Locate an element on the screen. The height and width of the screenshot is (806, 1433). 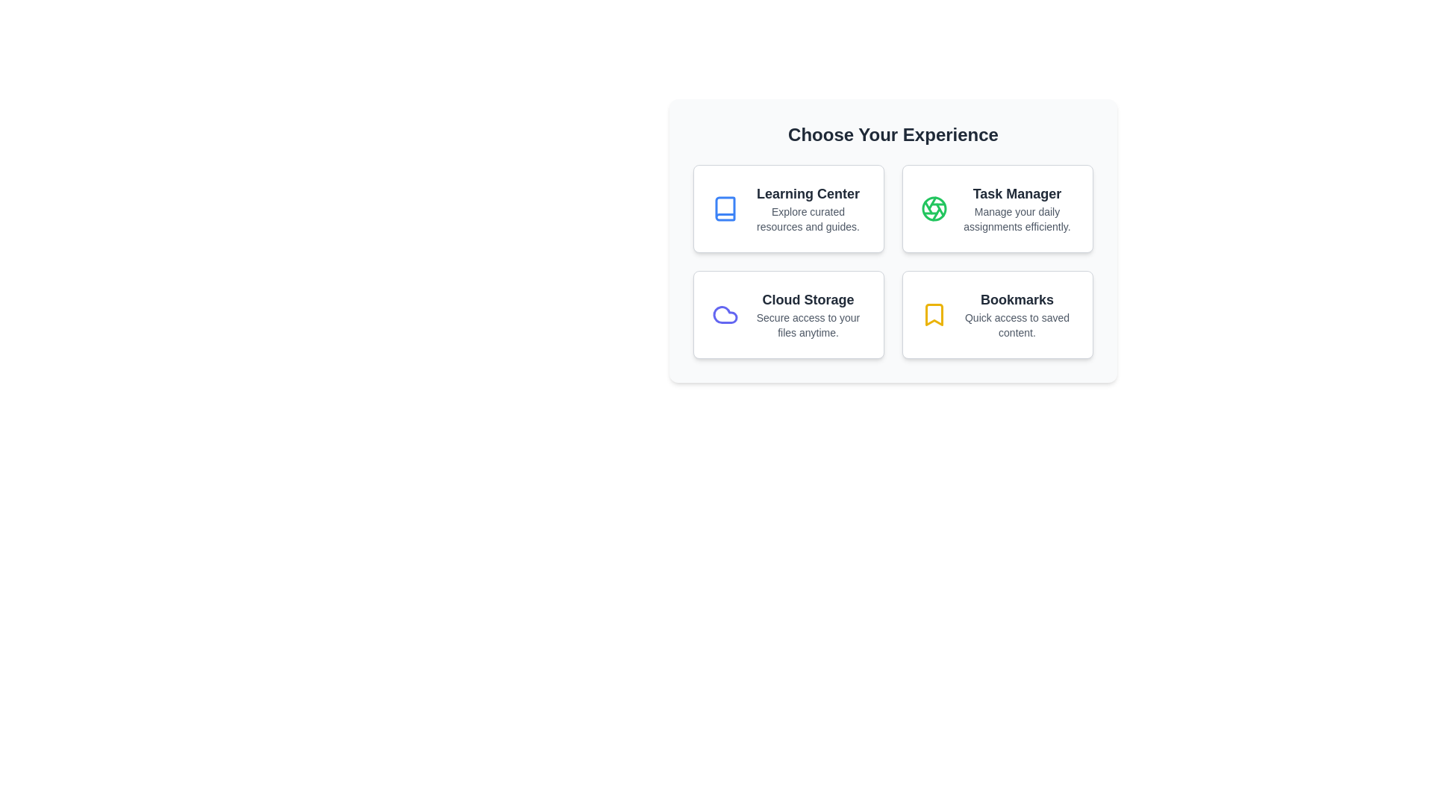
descriptive text located beneath the 'Task Manager' heading in the upper-right card of the grid layout is located at coordinates (1017, 219).